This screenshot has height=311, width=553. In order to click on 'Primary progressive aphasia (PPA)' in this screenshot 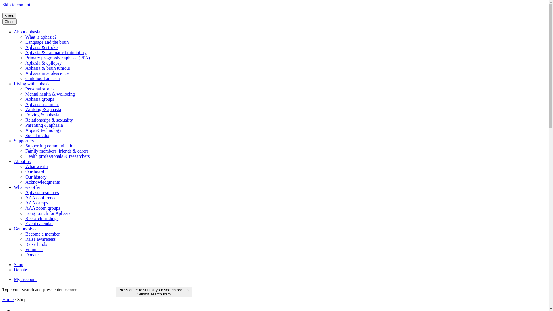, I will do `click(58, 58)`.